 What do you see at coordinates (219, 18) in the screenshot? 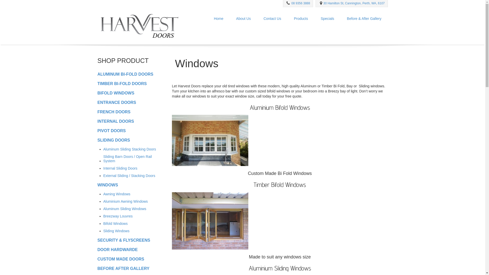
I see `'Home'` at bounding box center [219, 18].